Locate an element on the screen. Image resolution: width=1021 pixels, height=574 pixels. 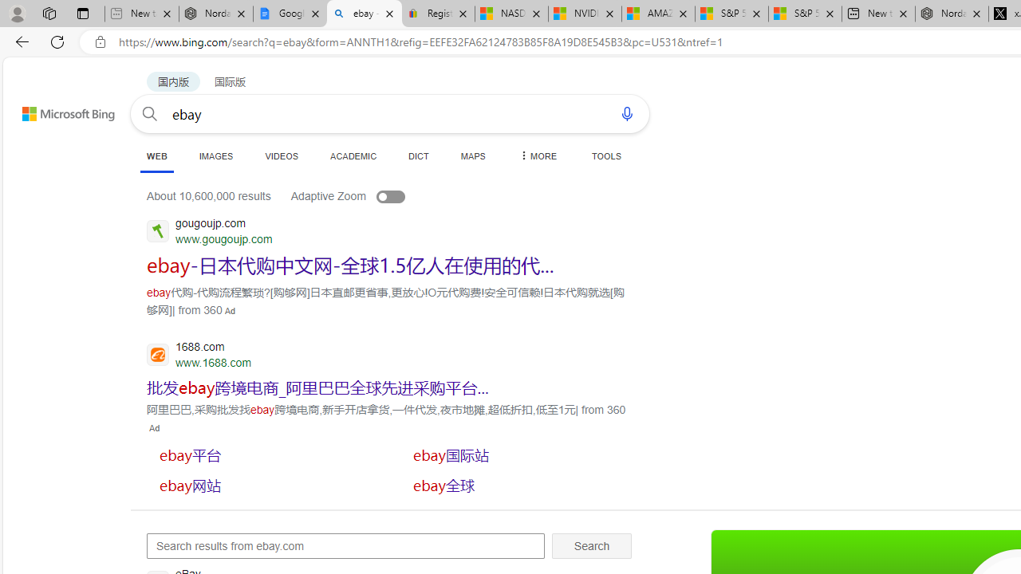
'TOOLS' is located at coordinates (605, 155).